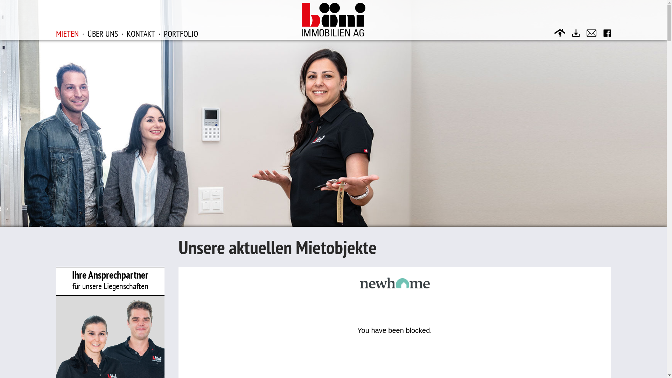 The height and width of the screenshot is (378, 672). What do you see at coordinates (67, 33) in the screenshot?
I see `'MIETEN'` at bounding box center [67, 33].